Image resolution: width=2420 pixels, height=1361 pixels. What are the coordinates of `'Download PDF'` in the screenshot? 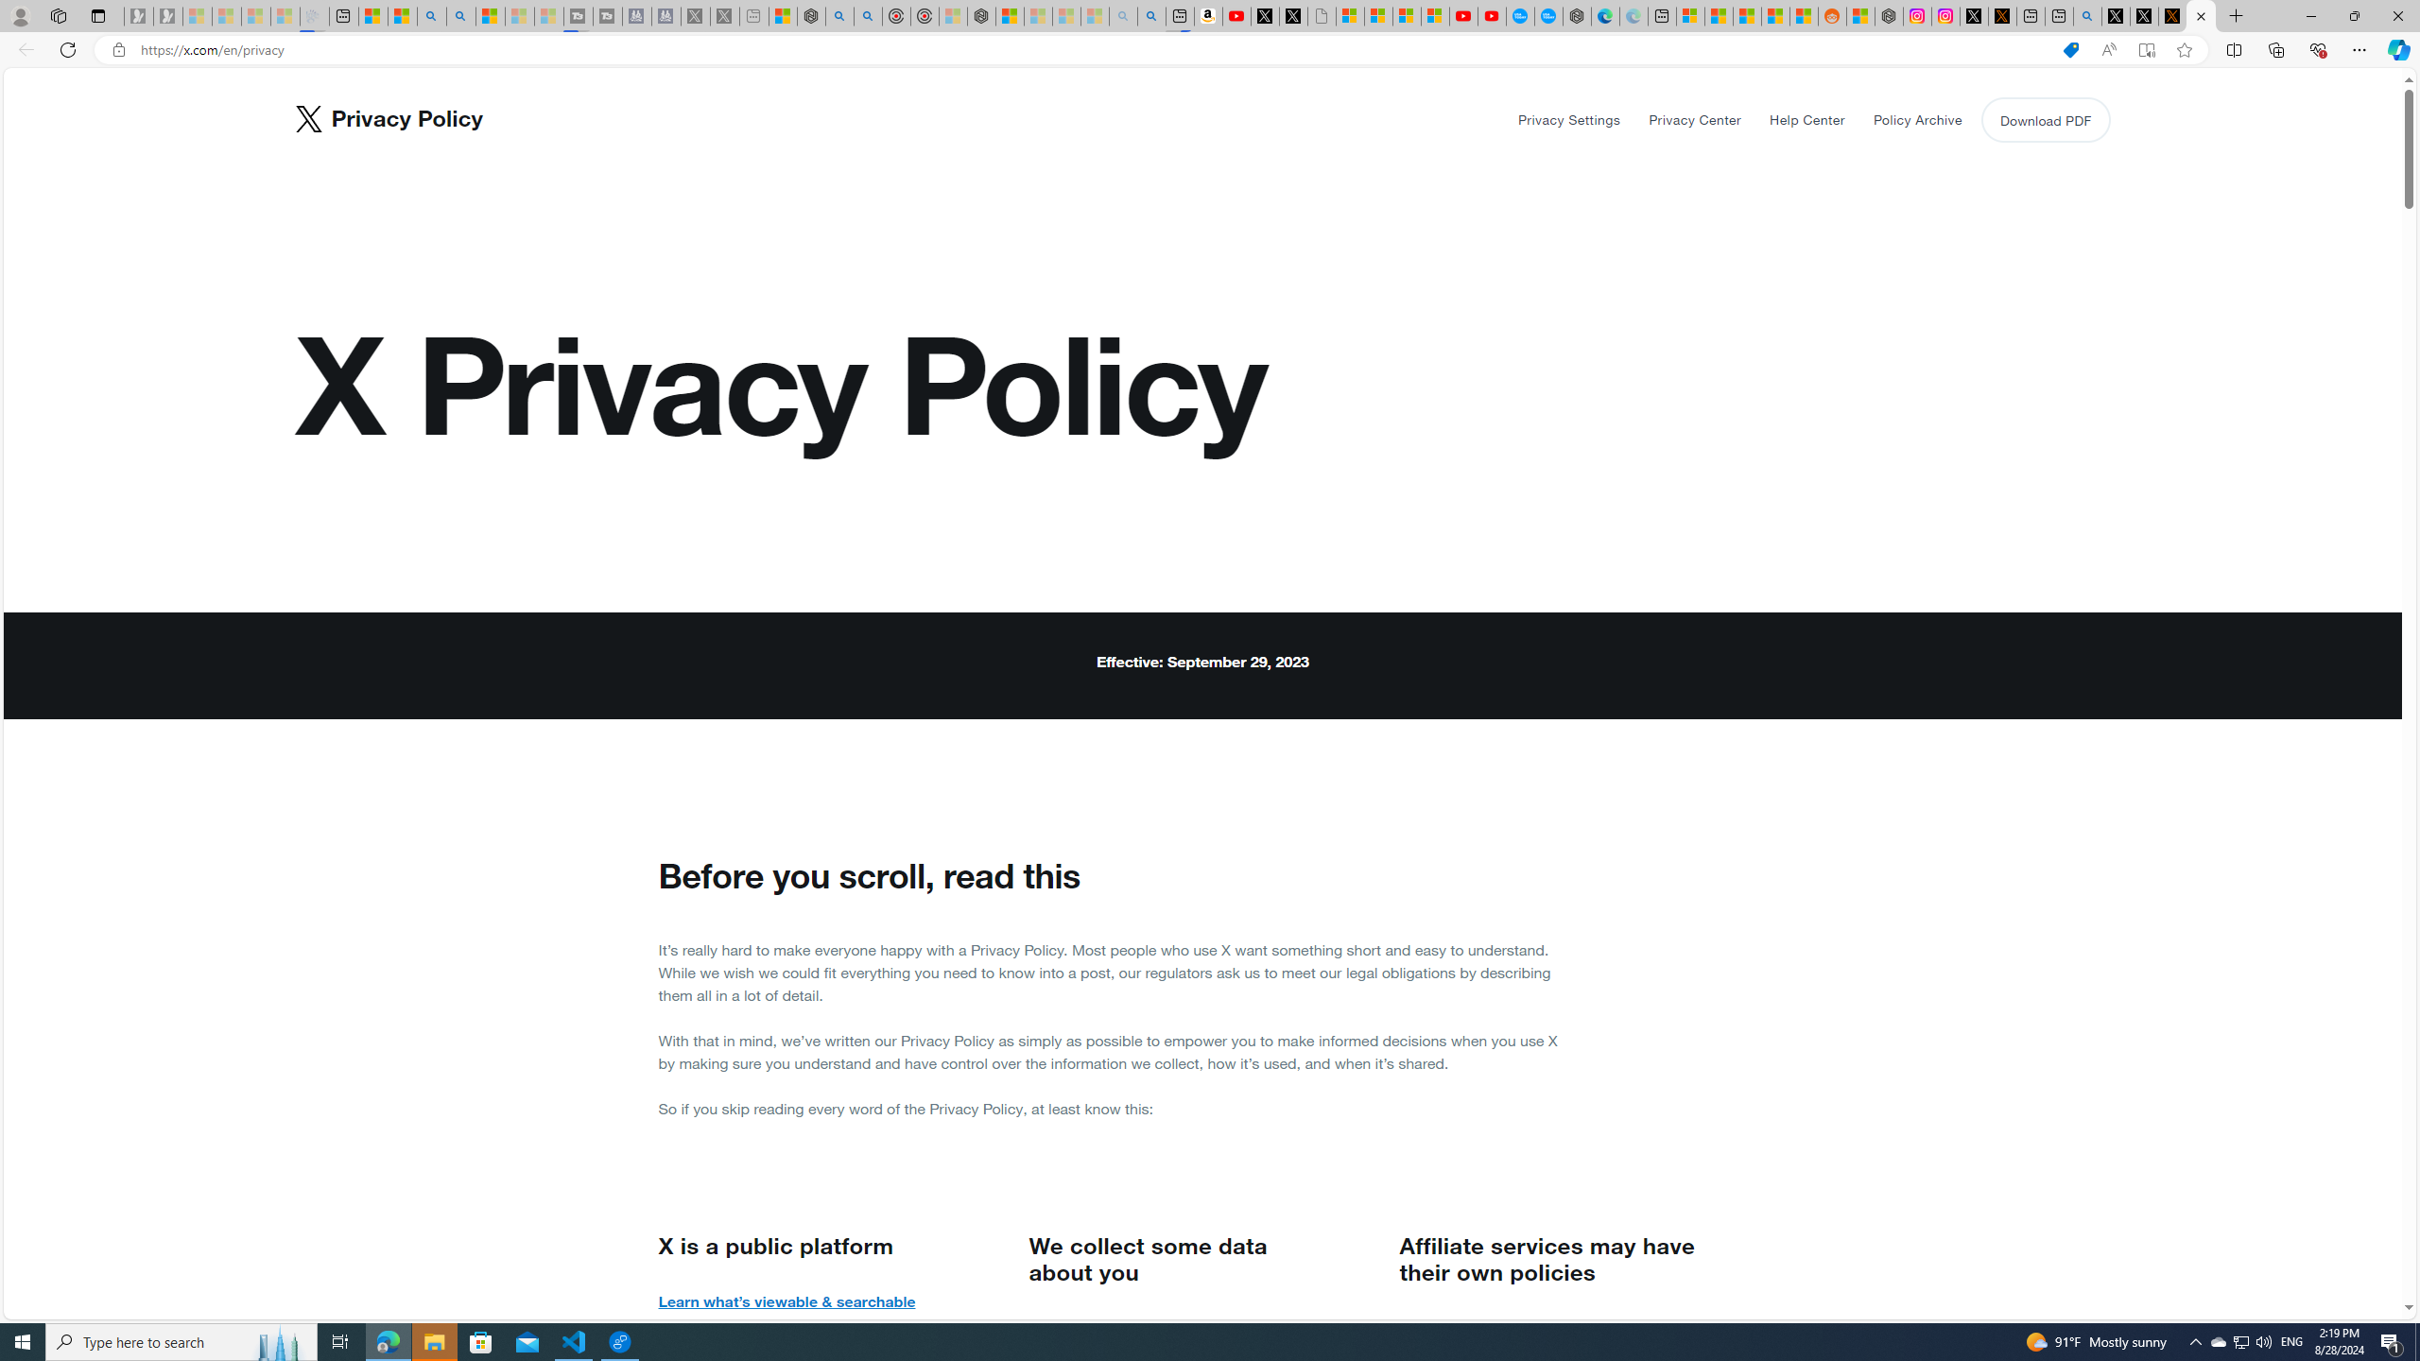 It's located at (2044, 119).